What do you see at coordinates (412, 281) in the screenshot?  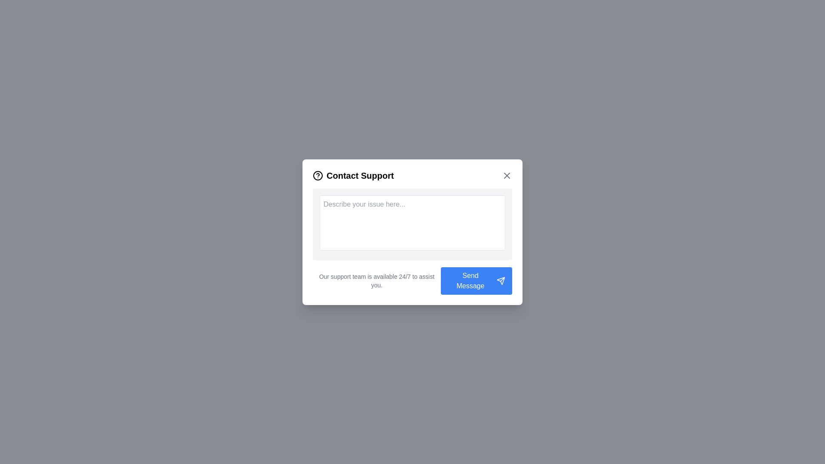 I see `the informational text displaying the message 'Our support team is available 24/7 to assist you.' located at the bottom-left section within the 'Contact Support' card` at bounding box center [412, 281].